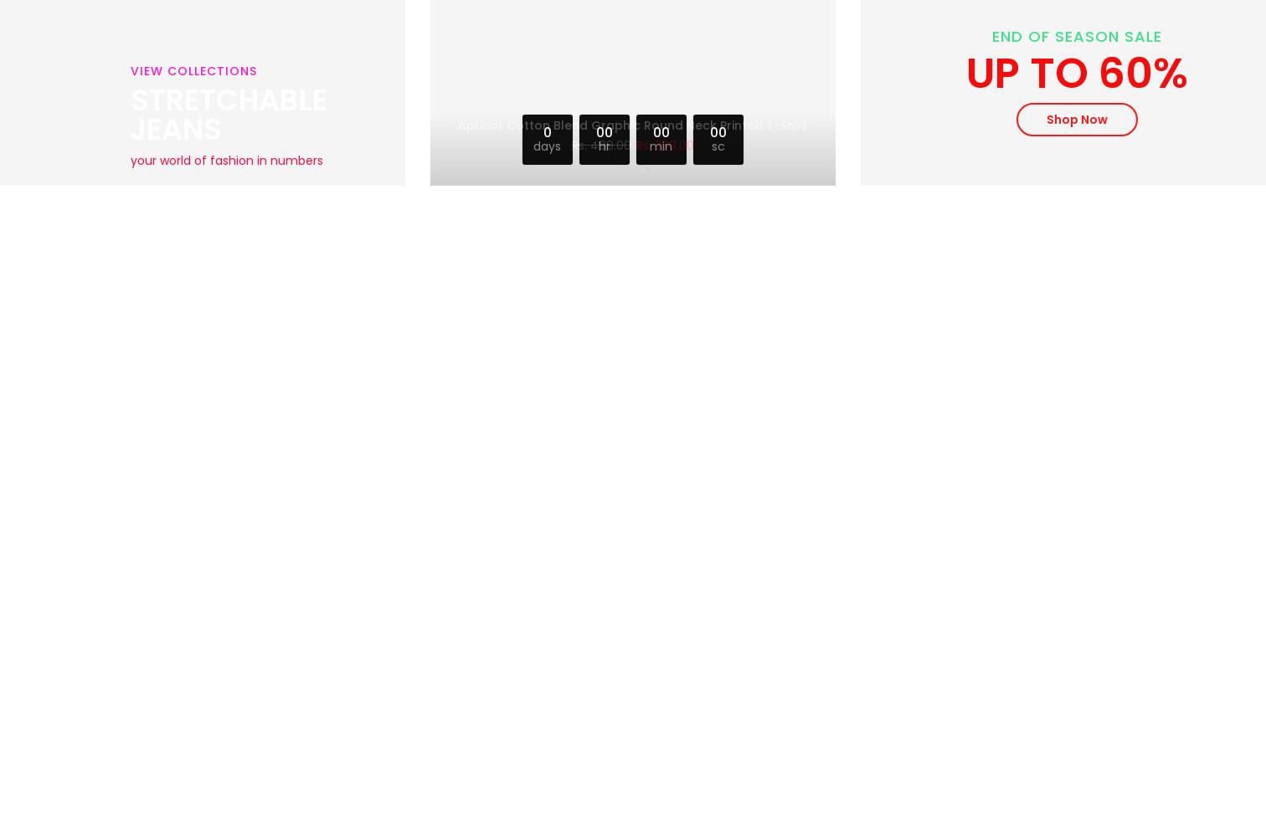 The height and width of the screenshot is (839, 1266). What do you see at coordinates (600, 141) in the screenshot?
I see `'Rs. 499.00'` at bounding box center [600, 141].